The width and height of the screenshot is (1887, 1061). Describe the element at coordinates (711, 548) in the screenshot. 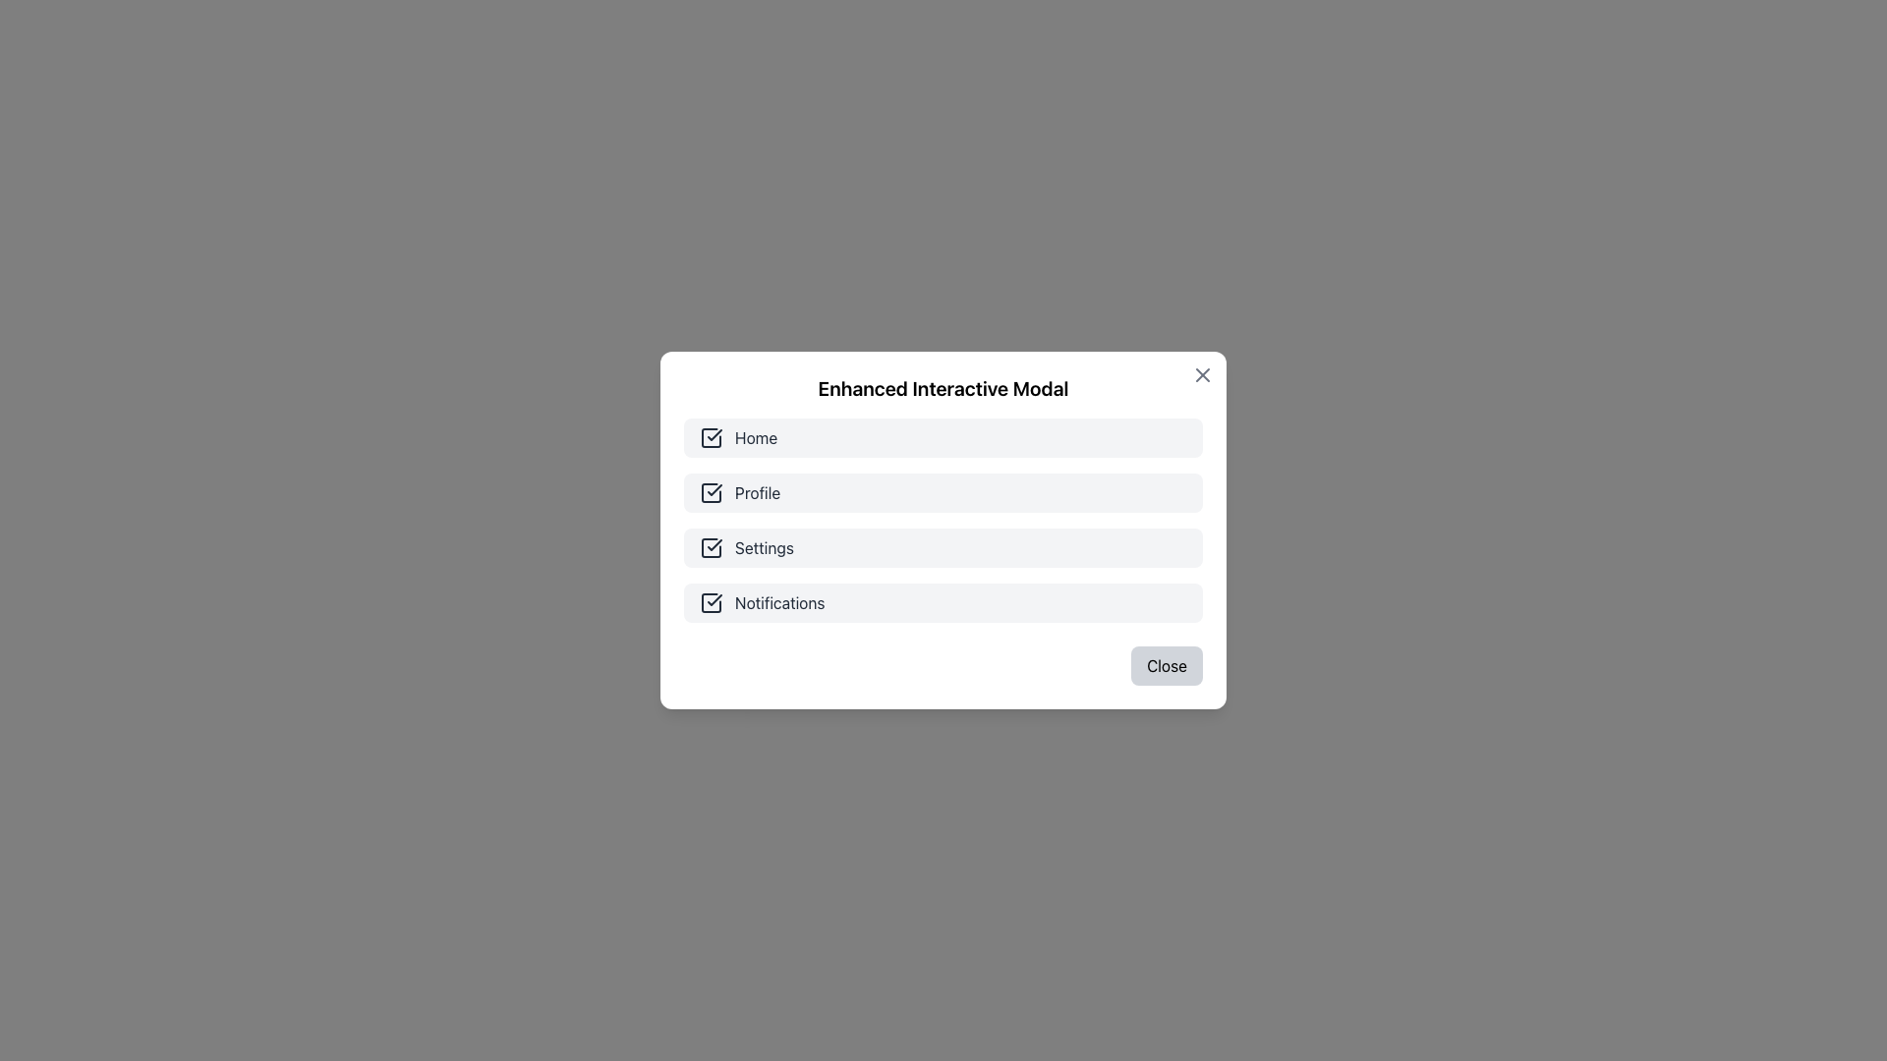

I see `the graphical checkbox icon` at that location.